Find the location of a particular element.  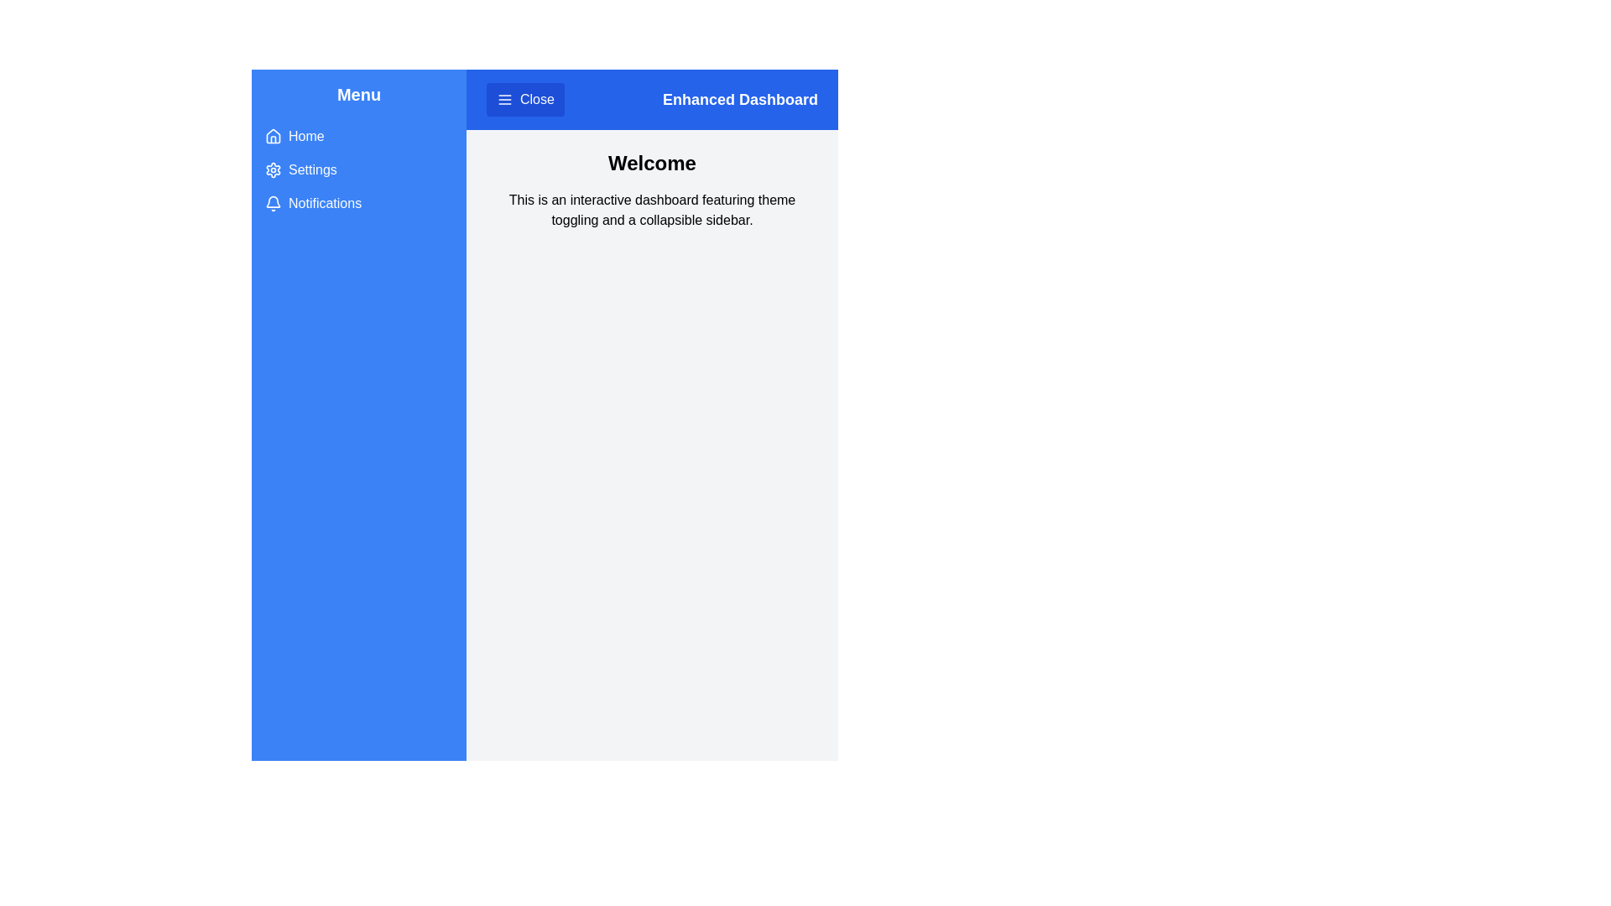

the notifications icon located in the left navigation menu next to the 'Notifications' text label, which is directly under the 'Home' and 'Settings' items is located at coordinates (274, 200).